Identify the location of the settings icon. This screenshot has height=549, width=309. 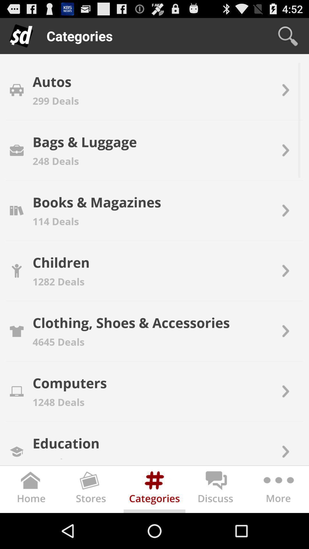
(154, 525).